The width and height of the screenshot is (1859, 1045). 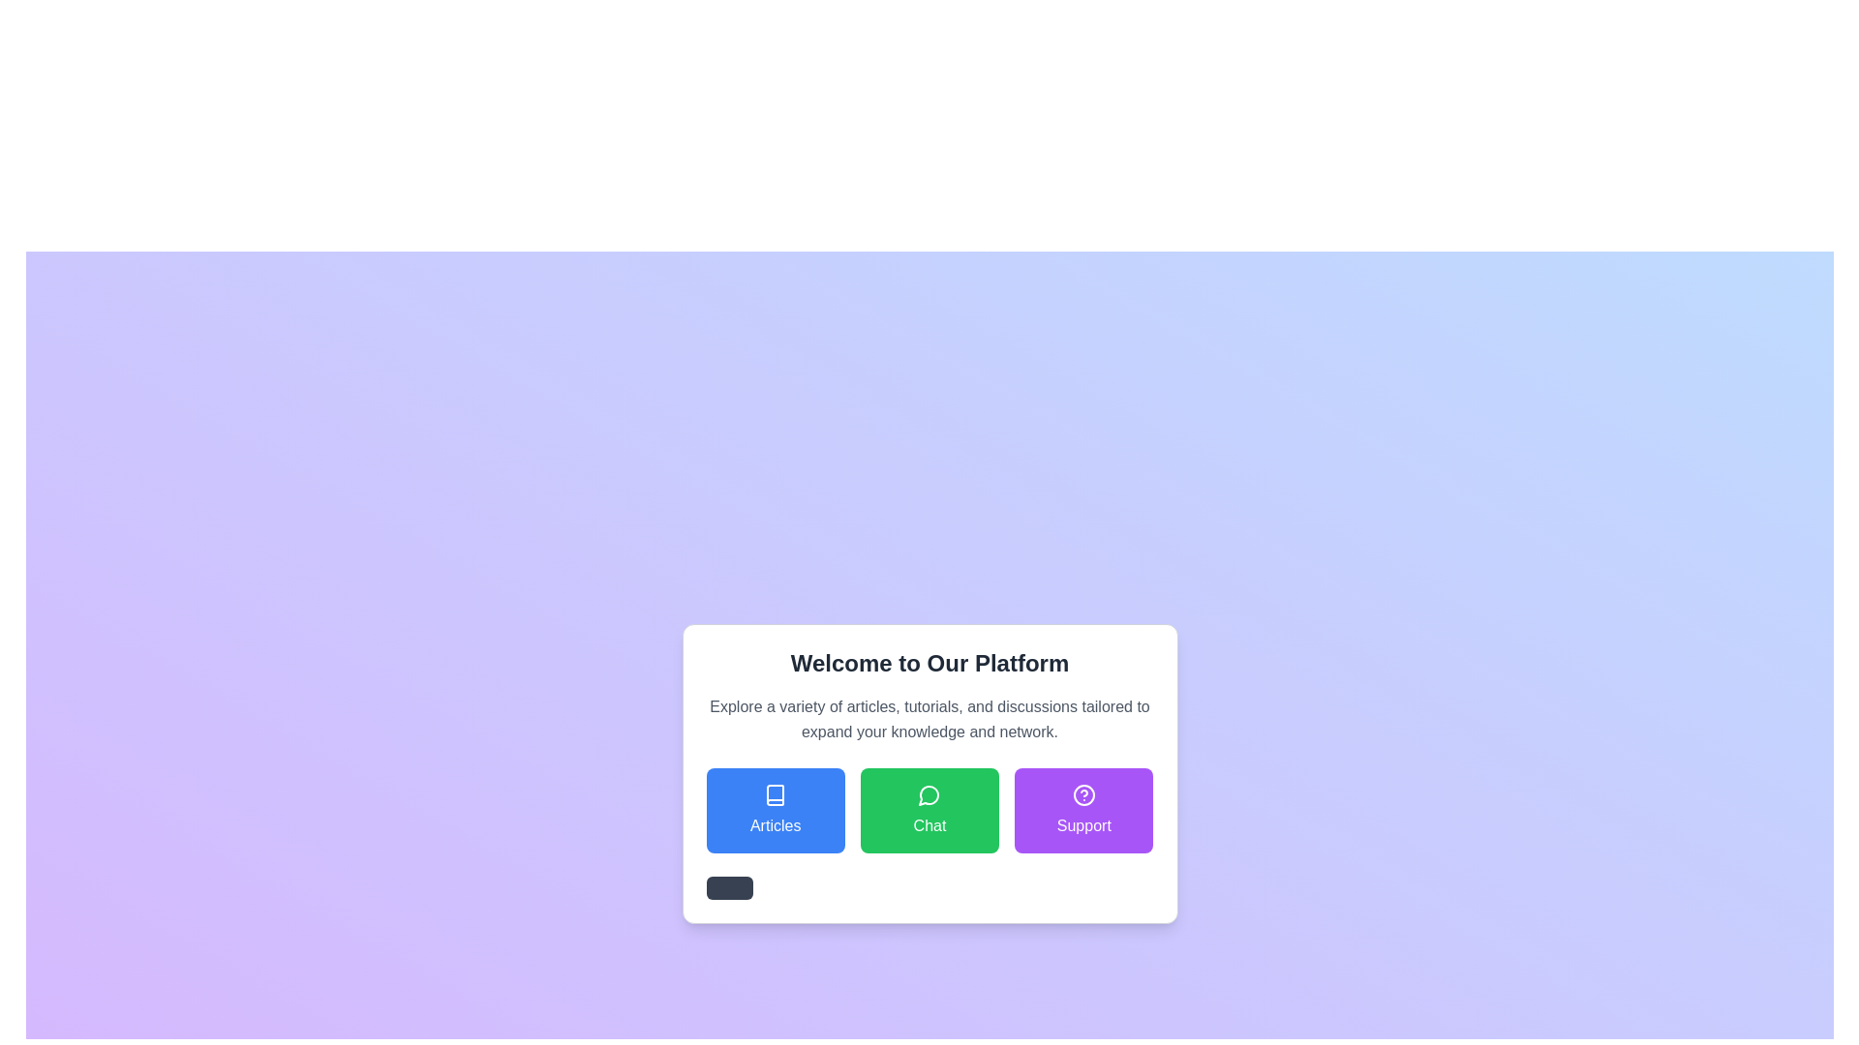 I want to click on the 'Articles' text label, which is part of a blue button structure and is located at the lower section of the button, the leftmost in a group of three buttons, so click(x=776, y=825).